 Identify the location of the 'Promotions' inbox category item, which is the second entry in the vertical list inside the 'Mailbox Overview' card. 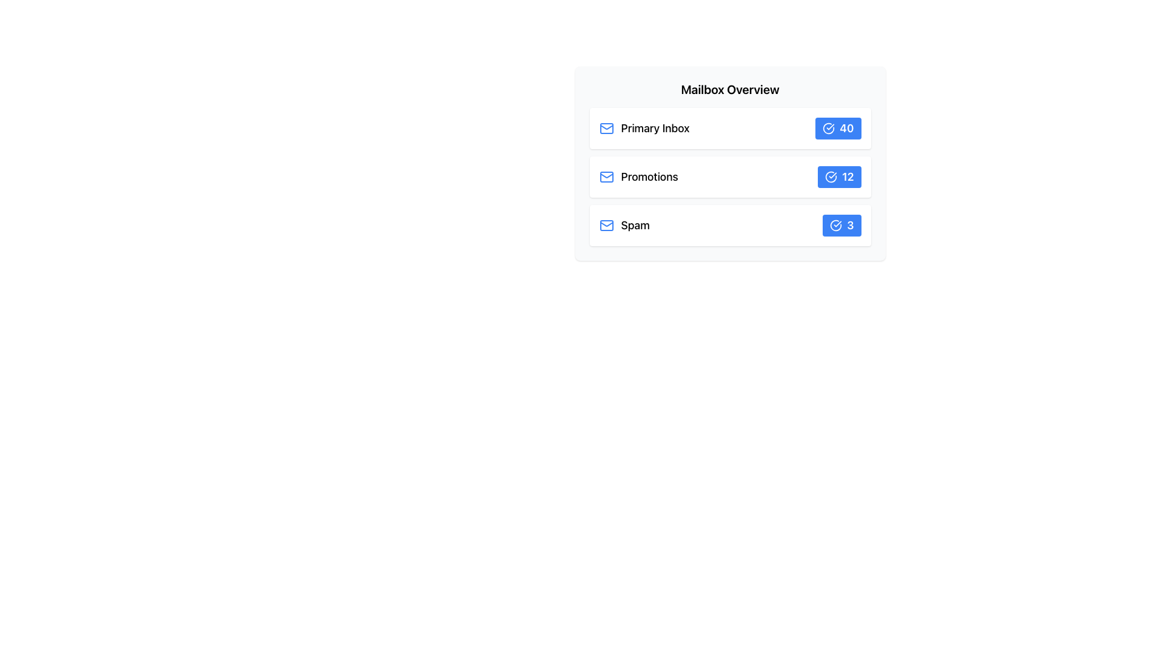
(638, 177).